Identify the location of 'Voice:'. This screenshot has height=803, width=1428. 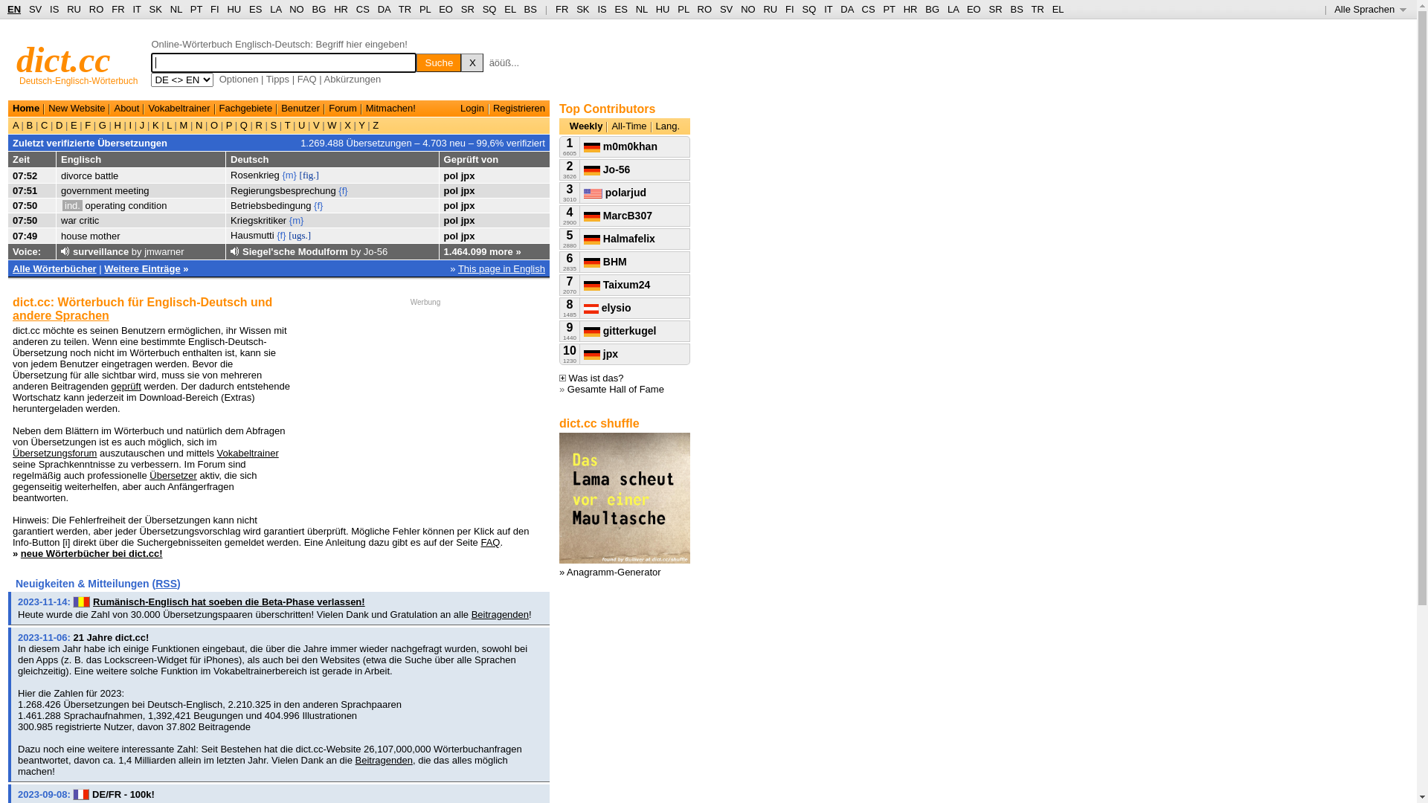
(13, 251).